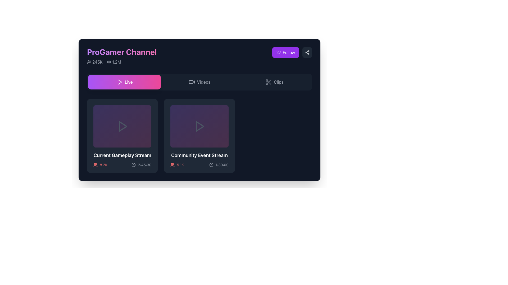 The height and width of the screenshot is (285, 508). Describe the element at coordinates (199, 82) in the screenshot. I see `the video-related content button located in the navigation bar, which is positioned centrally between the 'Live' and 'Clips' buttons` at that location.